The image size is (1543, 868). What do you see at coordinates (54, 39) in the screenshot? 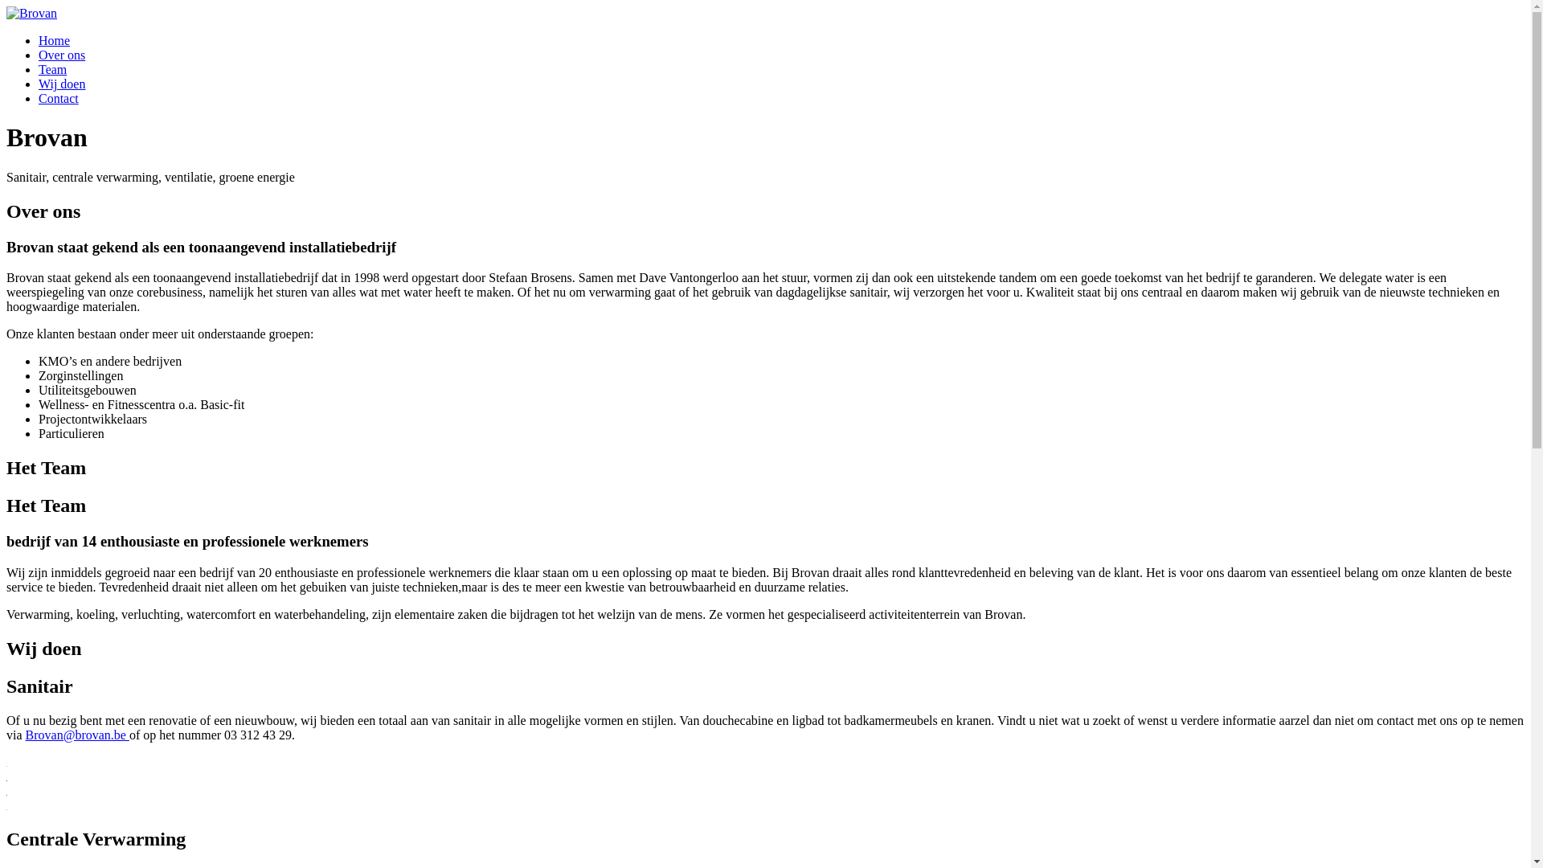
I see `'Home'` at bounding box center [54, 39].